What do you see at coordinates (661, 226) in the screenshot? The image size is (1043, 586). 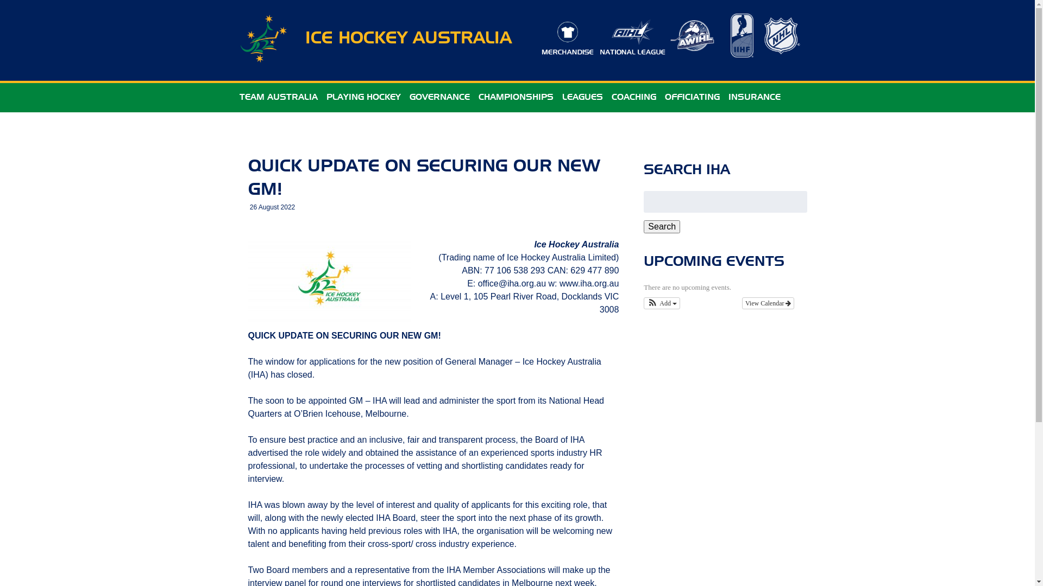 I see `'Search'` at bounding box center [661, 226].